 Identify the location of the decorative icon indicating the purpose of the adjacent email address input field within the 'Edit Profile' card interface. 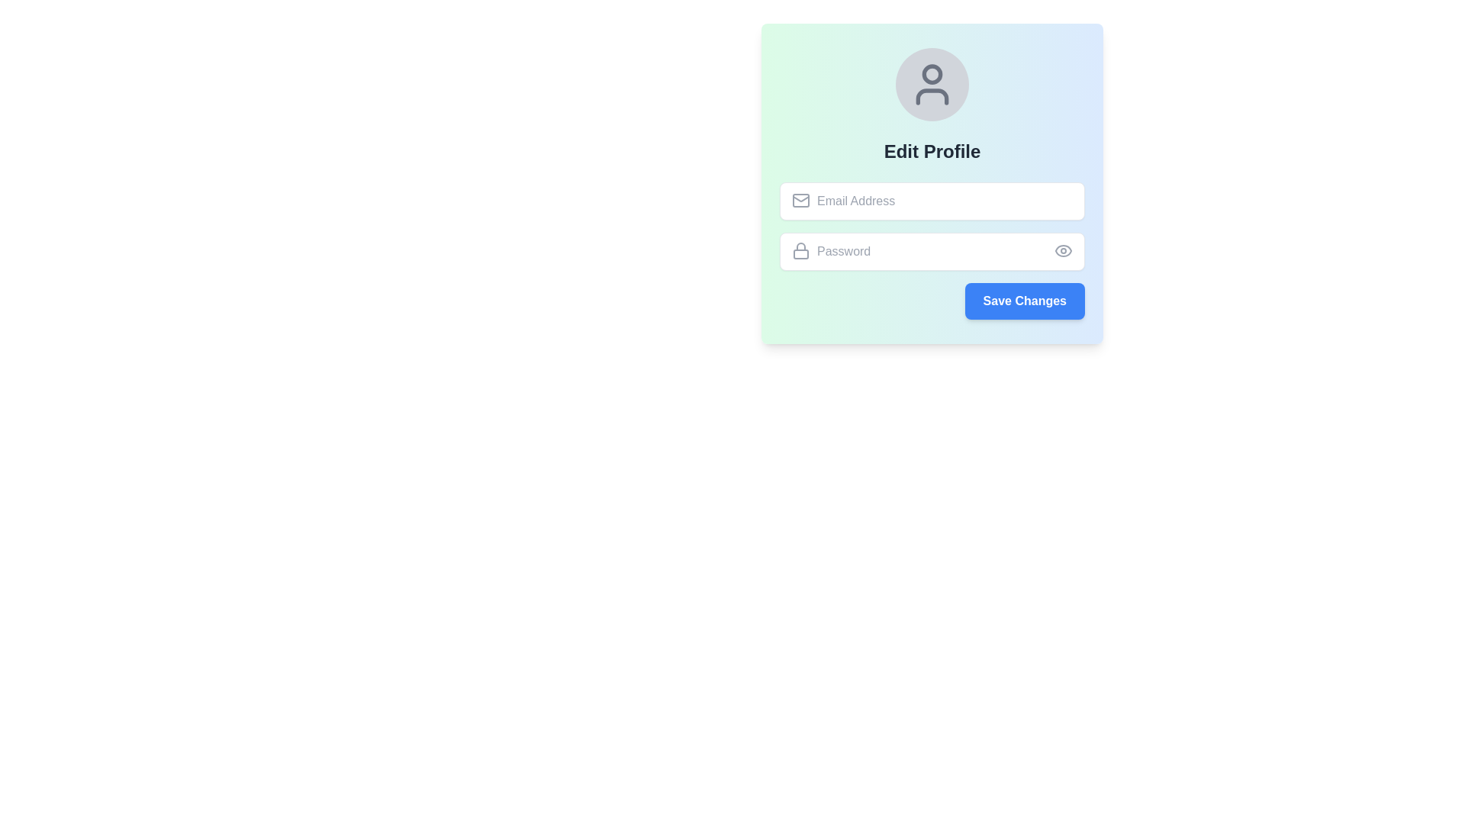
(800, 199).